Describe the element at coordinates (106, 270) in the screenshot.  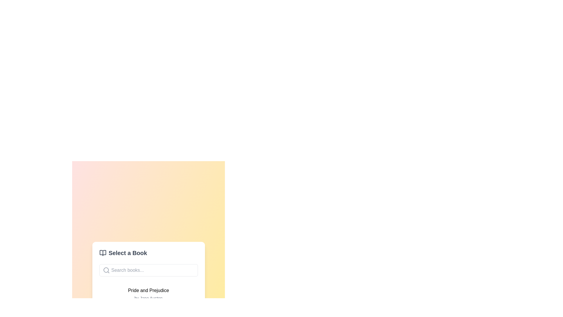
I see `the search icon, which is a circular magnifying glass with a thin outline, located on the left side inside the search bar below the heading 'Select a Book'` at that location.